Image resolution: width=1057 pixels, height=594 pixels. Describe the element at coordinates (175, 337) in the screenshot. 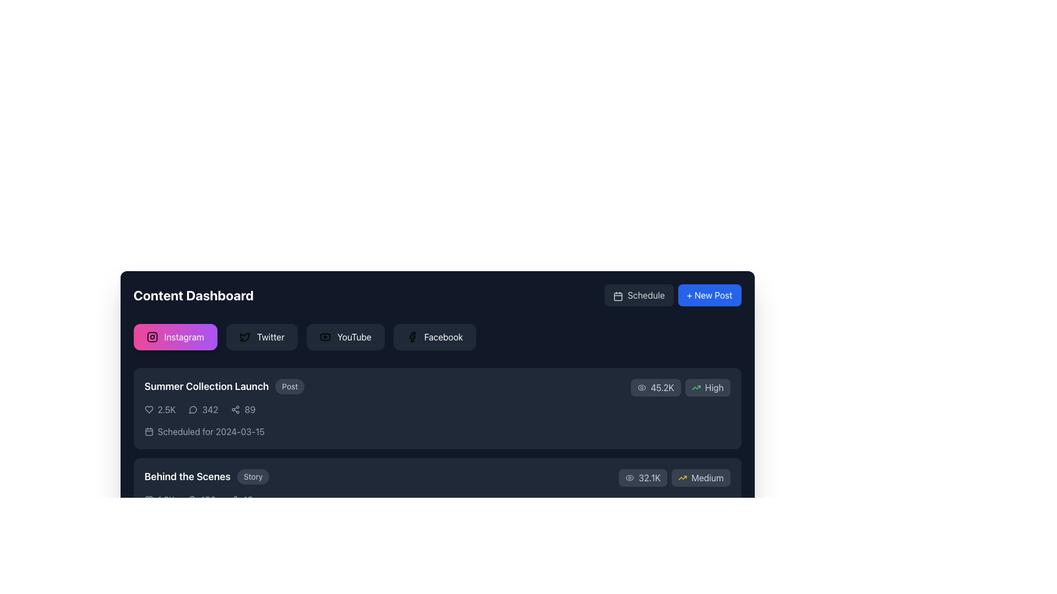

I see `the first button in the horizontal row on the dark-themed dashboard` at that location.